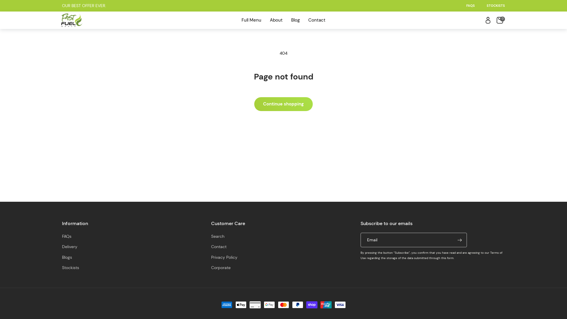  What do you see at coordinates (251, 20) in the screenshot?
I see `'Full Menu'` at bounding box center [251, 20].